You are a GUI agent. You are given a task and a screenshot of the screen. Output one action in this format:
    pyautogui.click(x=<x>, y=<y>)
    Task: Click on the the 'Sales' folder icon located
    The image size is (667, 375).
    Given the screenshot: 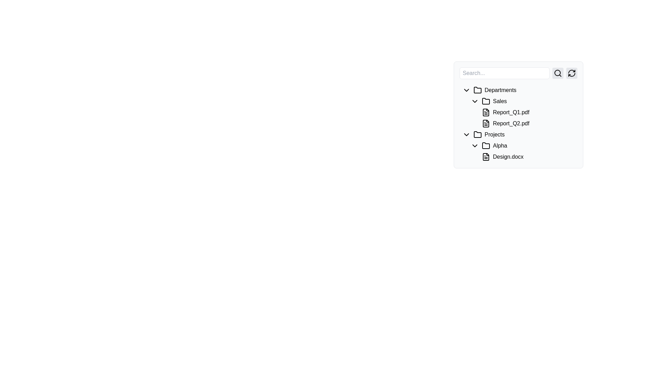 What is the action you would take?
    pyautogui.click(x=485, y=101)
    